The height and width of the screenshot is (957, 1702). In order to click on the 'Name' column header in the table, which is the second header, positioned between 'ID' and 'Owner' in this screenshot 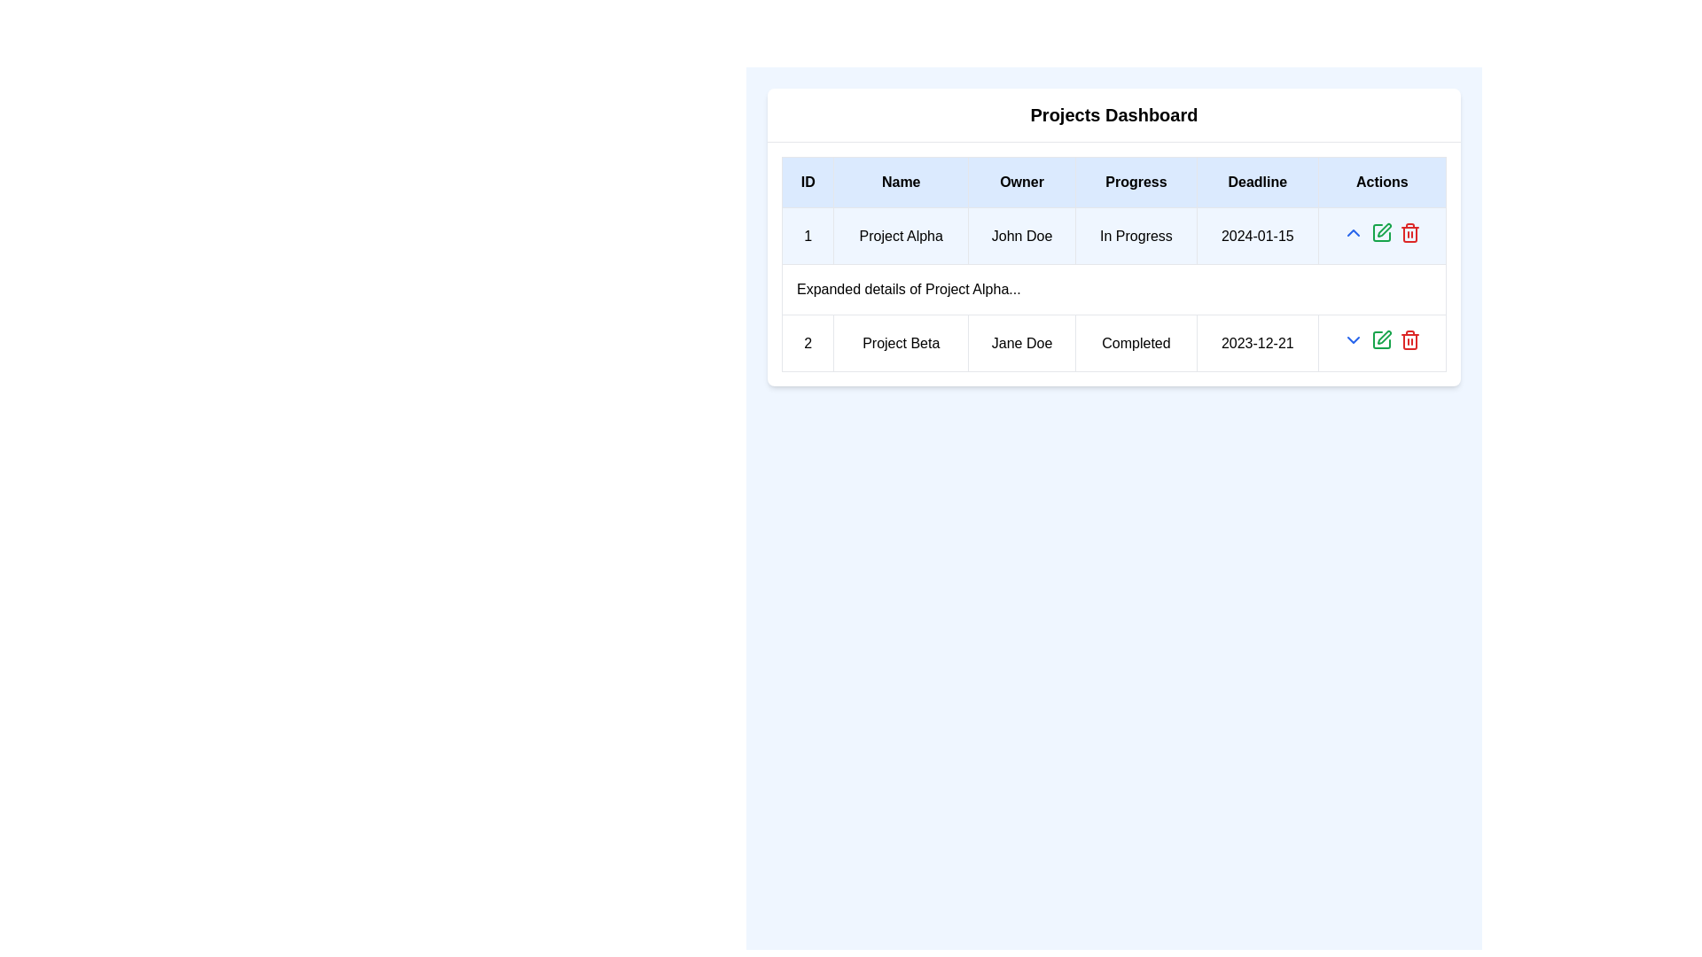, I will do `click(901, 182)`.